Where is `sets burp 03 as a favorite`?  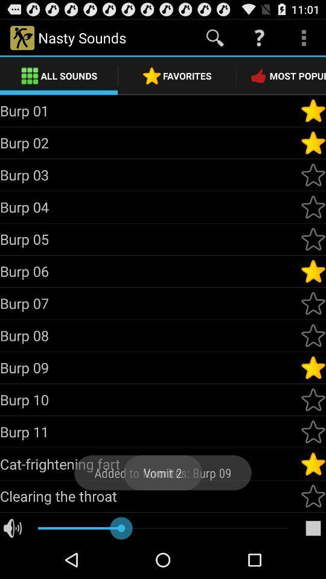 sets burp 03 as a favorite is located at coordinates (313, 174).